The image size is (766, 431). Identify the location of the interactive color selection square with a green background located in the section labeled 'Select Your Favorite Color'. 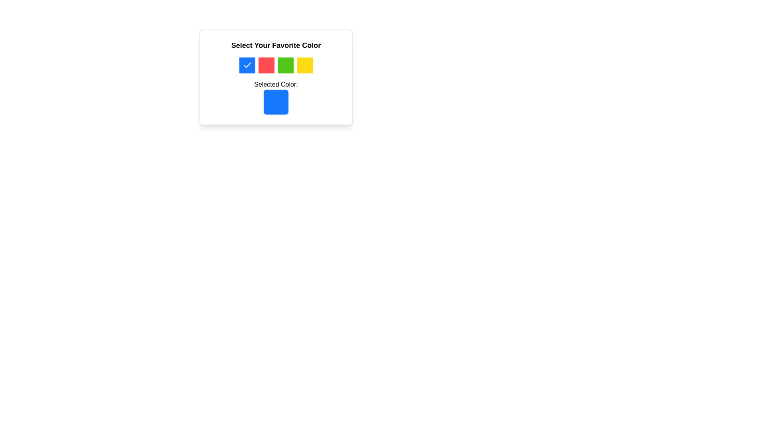
(285, 65).